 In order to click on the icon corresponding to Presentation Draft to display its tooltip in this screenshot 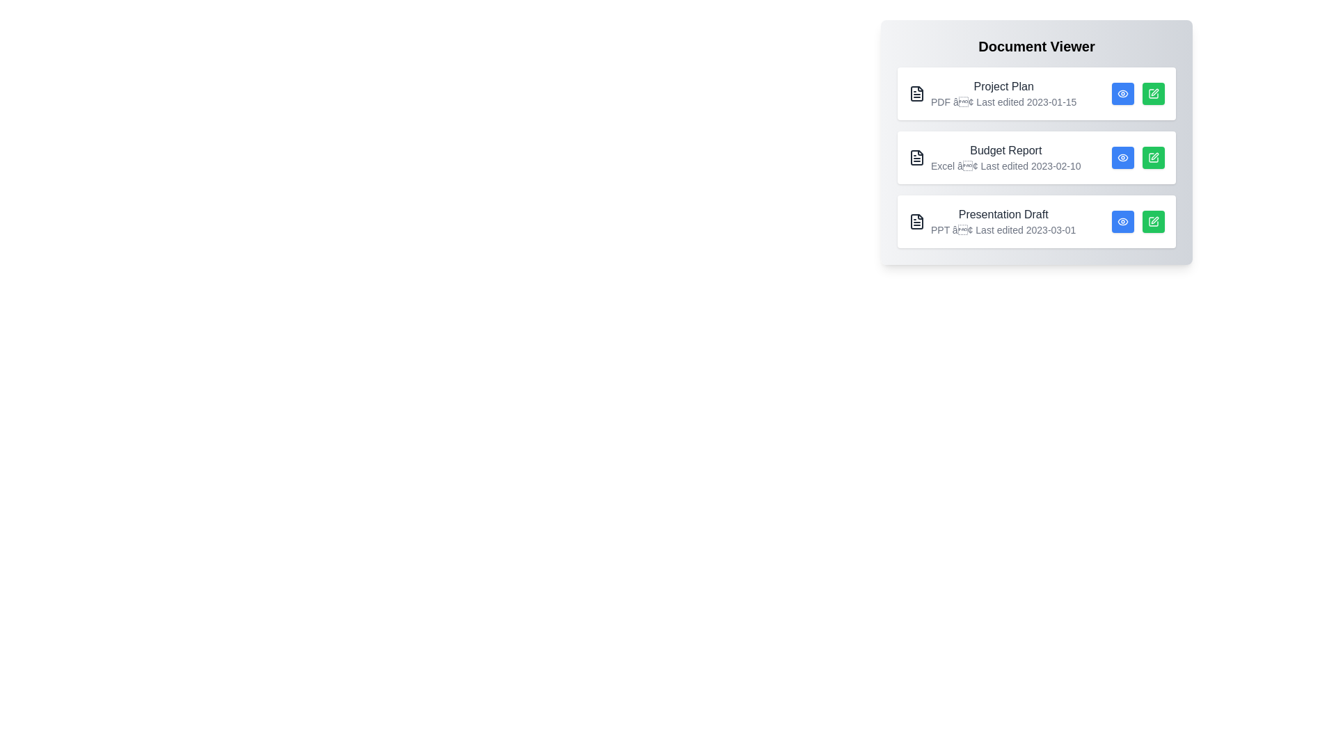, I will do `click(917, 221)`.